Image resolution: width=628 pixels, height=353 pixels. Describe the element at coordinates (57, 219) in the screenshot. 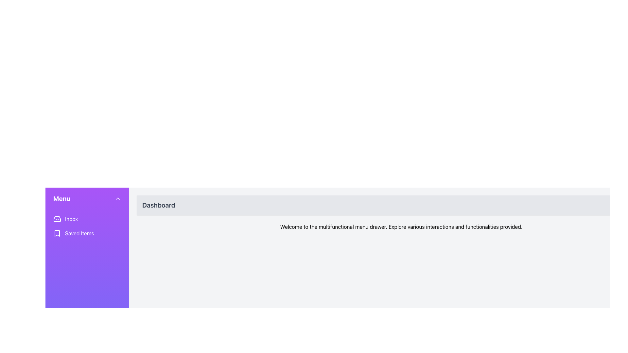

I see `the polygonal part of the mail inbox icon located in the left sidebar menu, adjacent to the 'Inbox' label` at that location.